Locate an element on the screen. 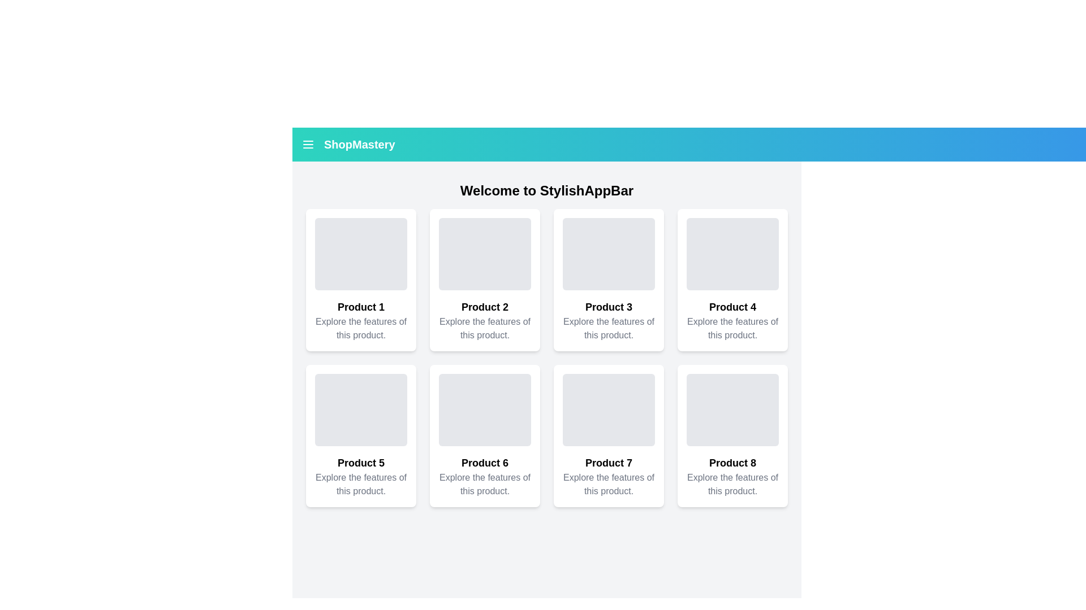 This screenshot has width=1086, height=610. displayed text from the 'Product 1' text label, which is prominently styled in a larger, bold font at the top of its card in the product listing section is located at coordinates (360, 307).